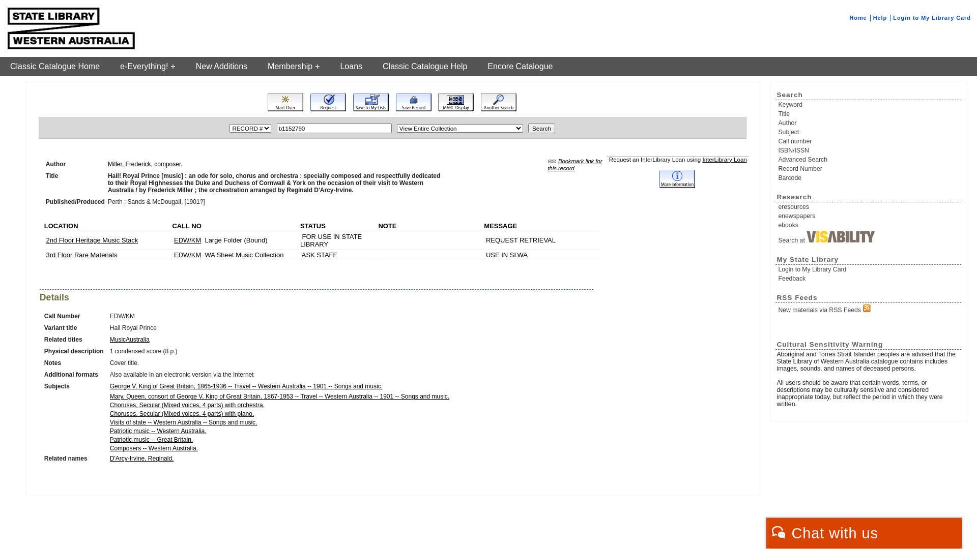  What do you see at coordinates (293, 67) in the screenshot?
I see `'Membership'` at bounding box center [293, 67].